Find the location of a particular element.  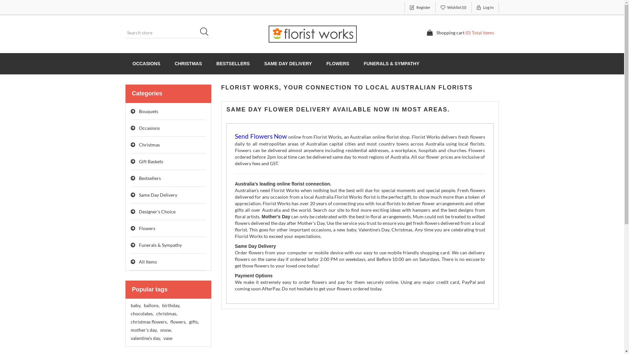

'valentine's day,' is located at coordinates (130, 338).